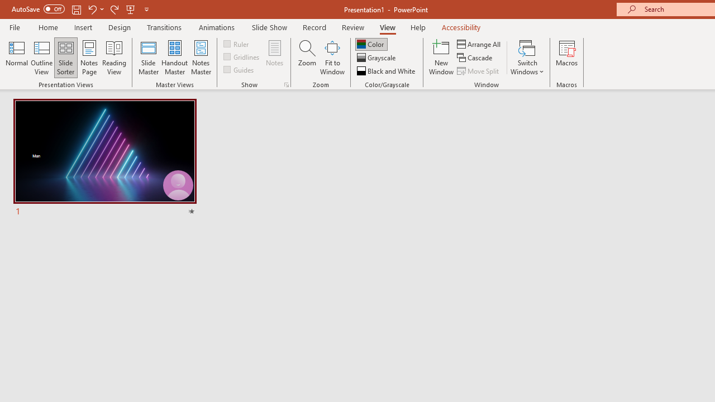  What do you see at coordinates (89, 58) in the screenshot?
I see `'Notes Page'` at bounding box center [89, 58].